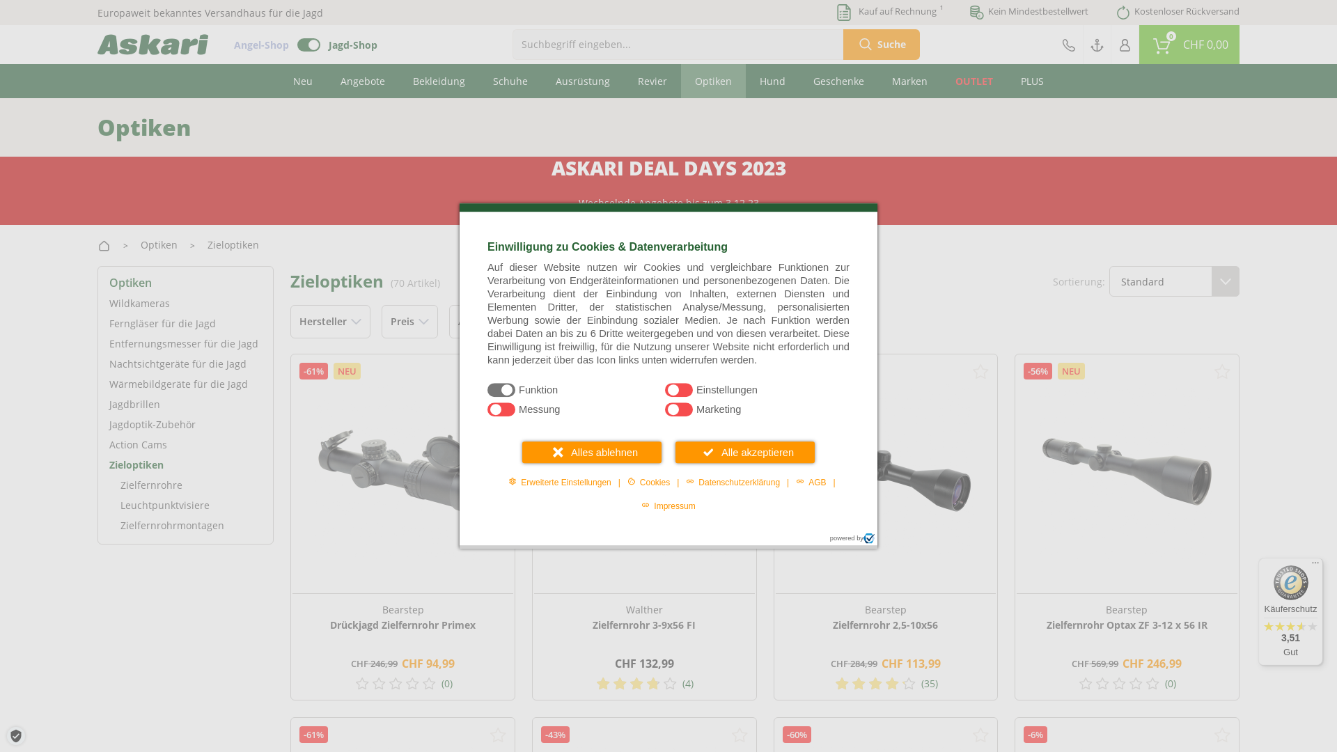  I want to click on 'Action Cams', so click(109, 444).